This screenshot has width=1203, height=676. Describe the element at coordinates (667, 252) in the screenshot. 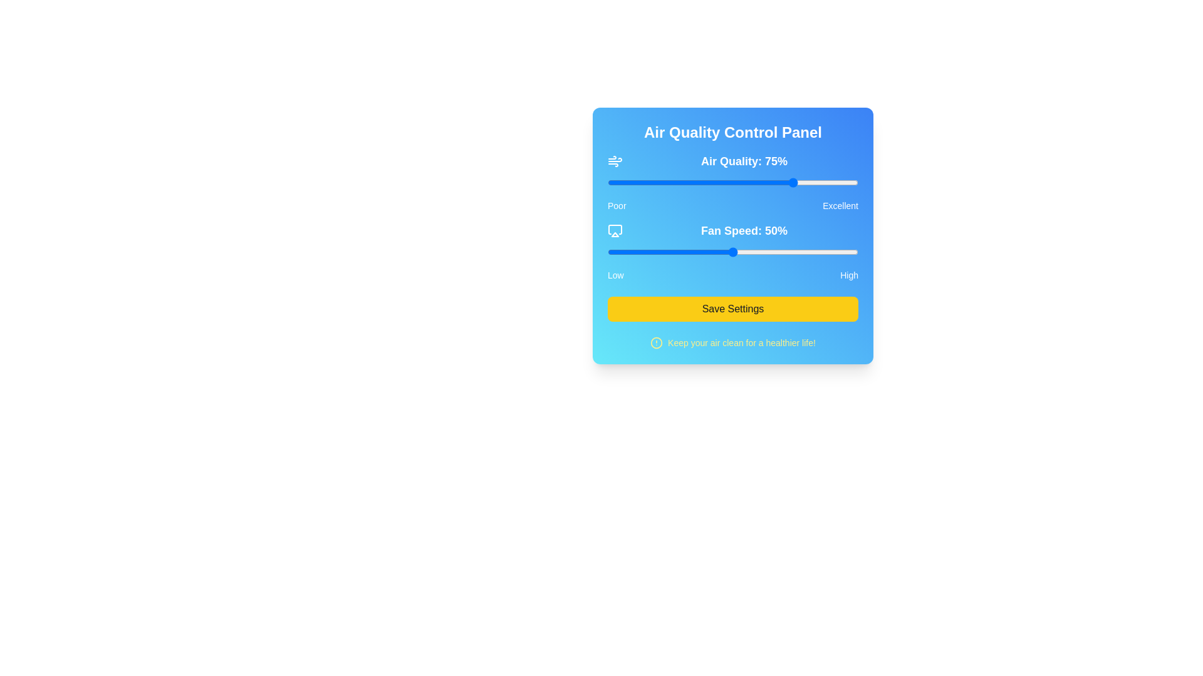

I see `the fan speed` at that location.